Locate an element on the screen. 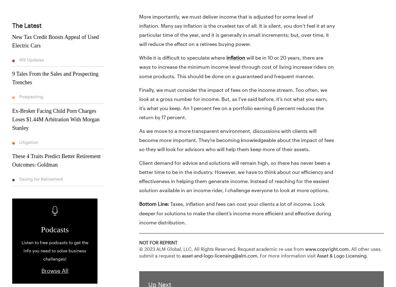 The width and height of the screenshot is (396, 287). 'IRS Updates' is located at coordinates (31, 59).